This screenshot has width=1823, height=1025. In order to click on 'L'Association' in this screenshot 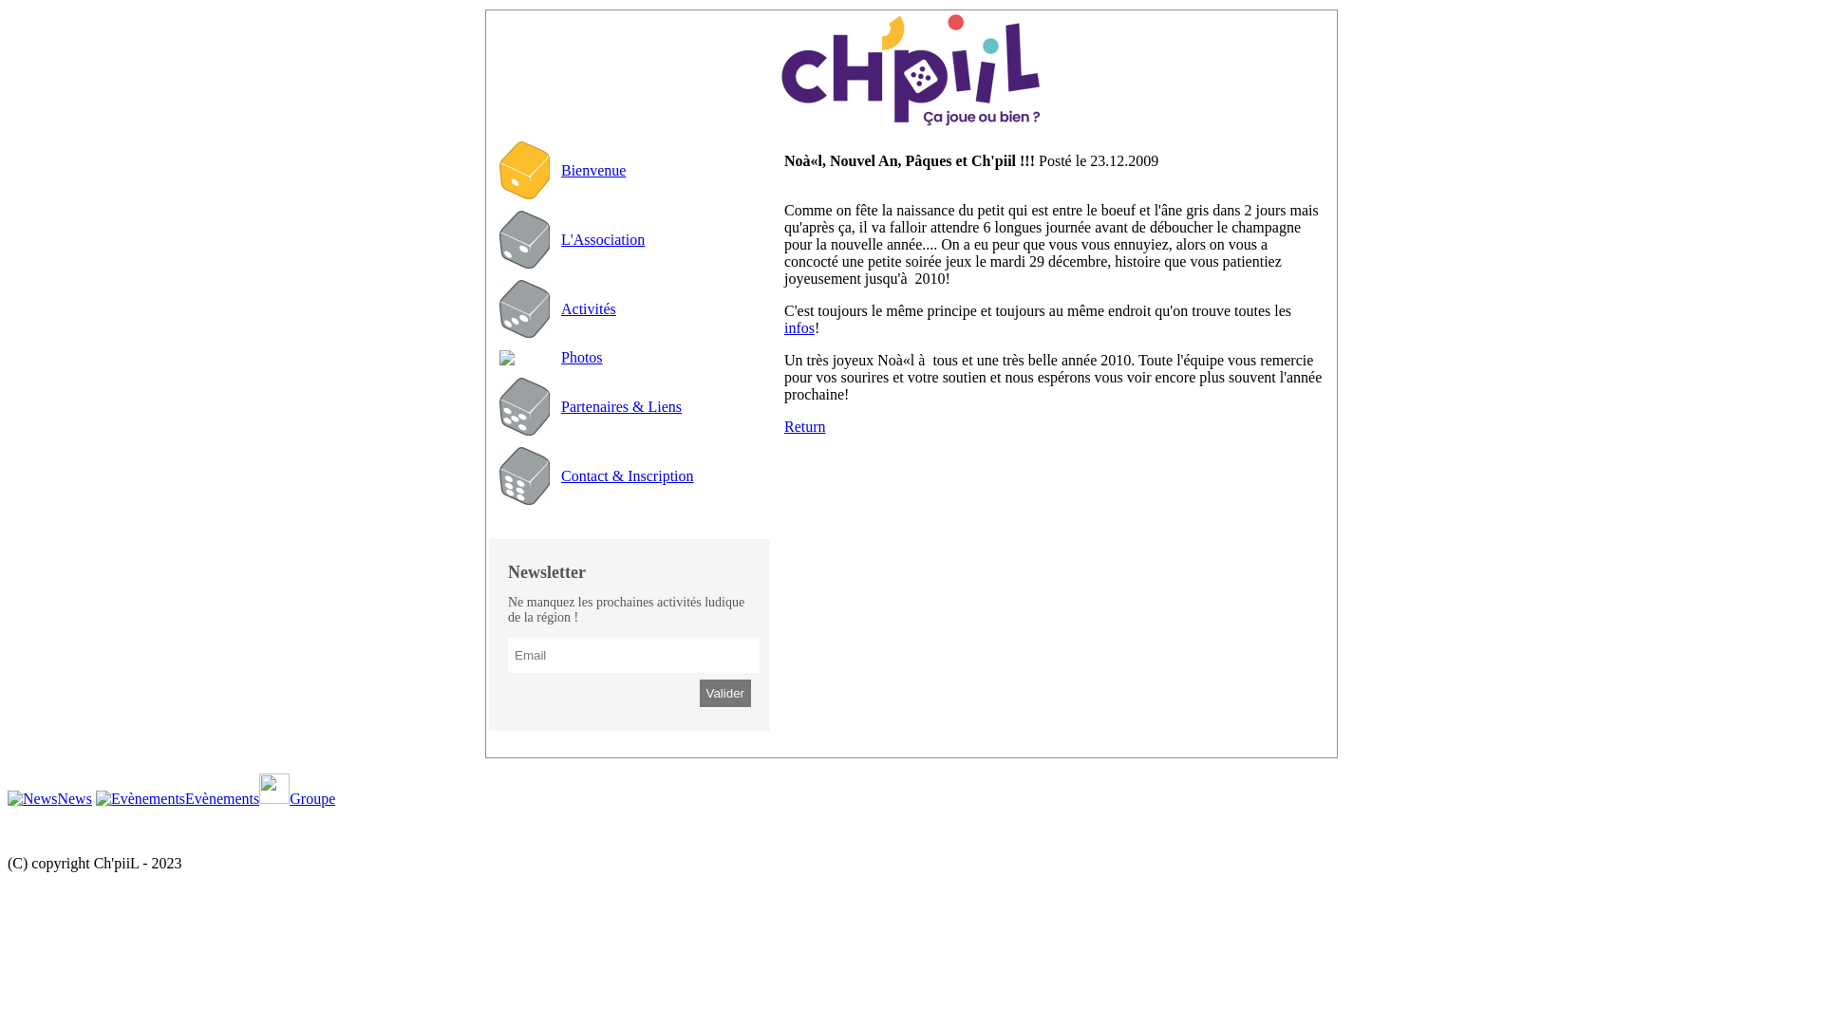, I will do `click(601, 238)`.